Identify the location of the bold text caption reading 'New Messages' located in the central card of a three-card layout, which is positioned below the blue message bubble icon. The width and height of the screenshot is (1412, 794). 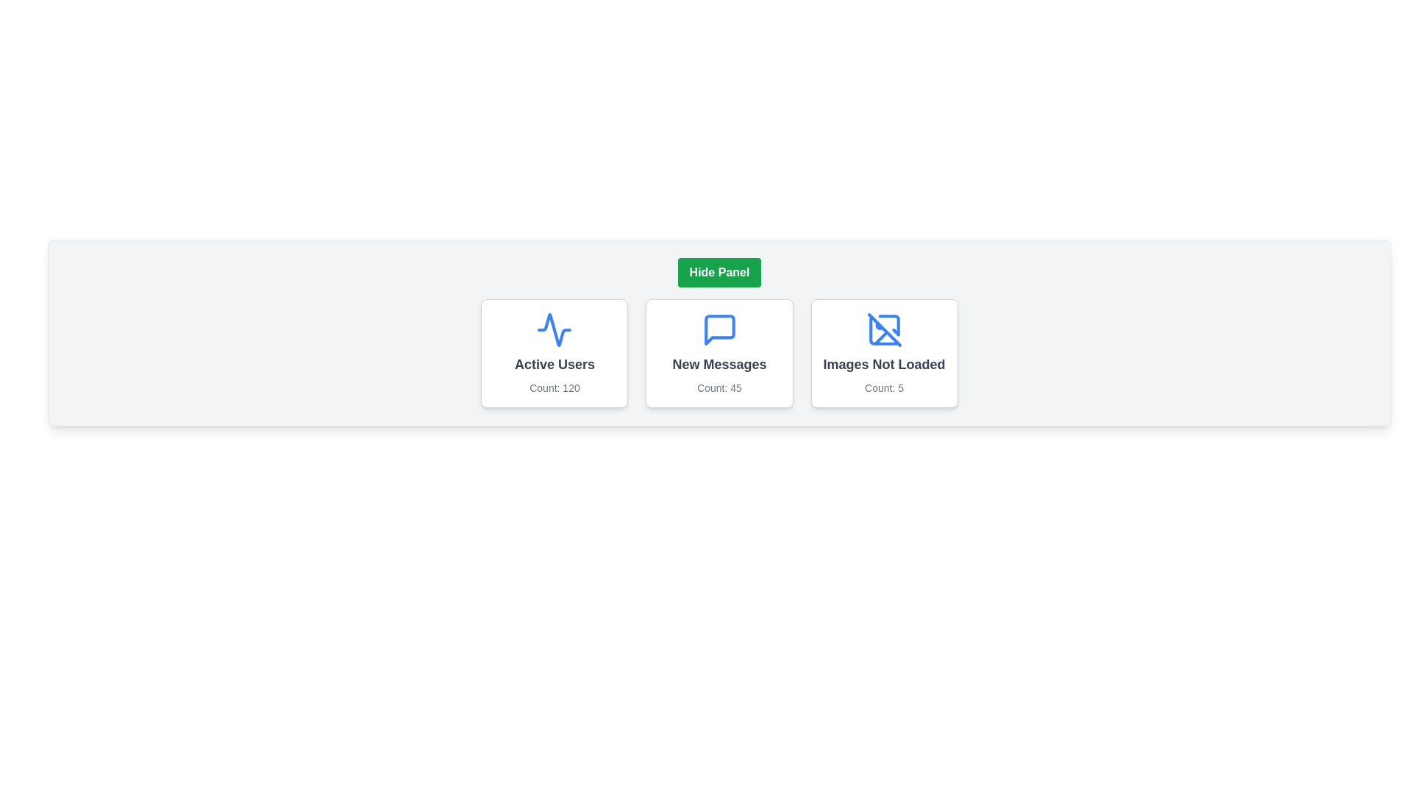
(719, 364).